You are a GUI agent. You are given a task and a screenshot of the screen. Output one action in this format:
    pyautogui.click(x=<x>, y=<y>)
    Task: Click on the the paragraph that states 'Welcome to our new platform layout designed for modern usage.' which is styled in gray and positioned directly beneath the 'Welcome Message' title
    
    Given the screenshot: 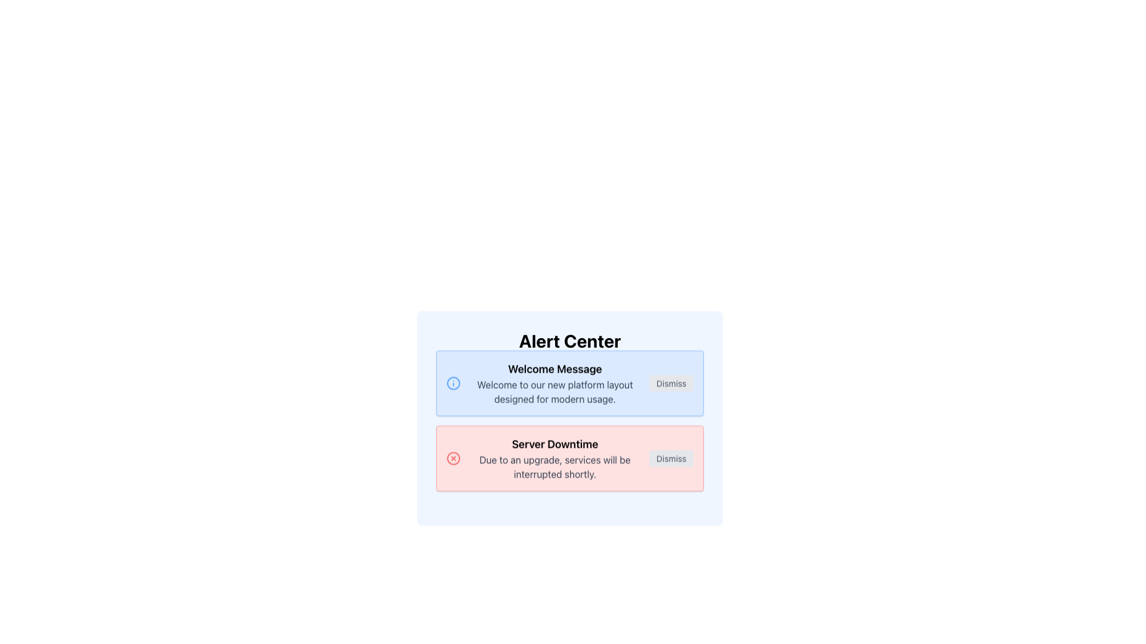 What is the action you would take?
    pyautogui.click(x=554, y=394)
    